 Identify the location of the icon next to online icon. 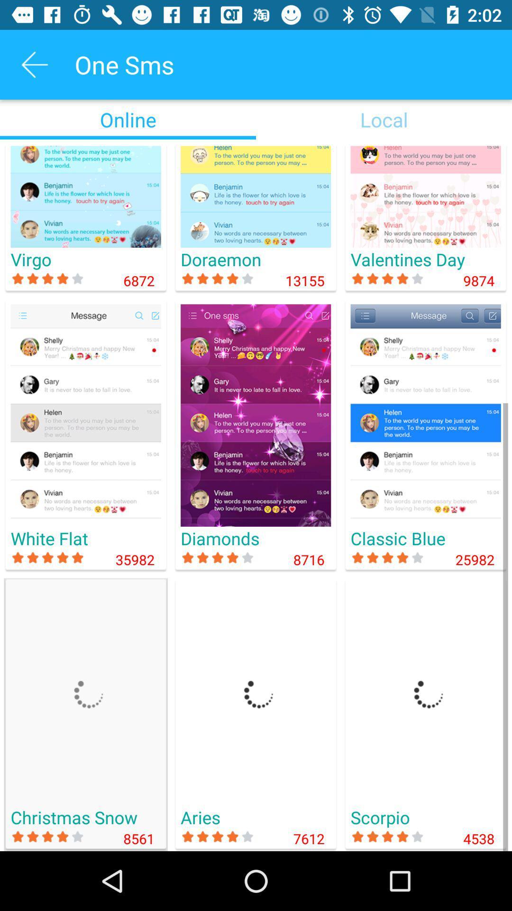
(384, 119).